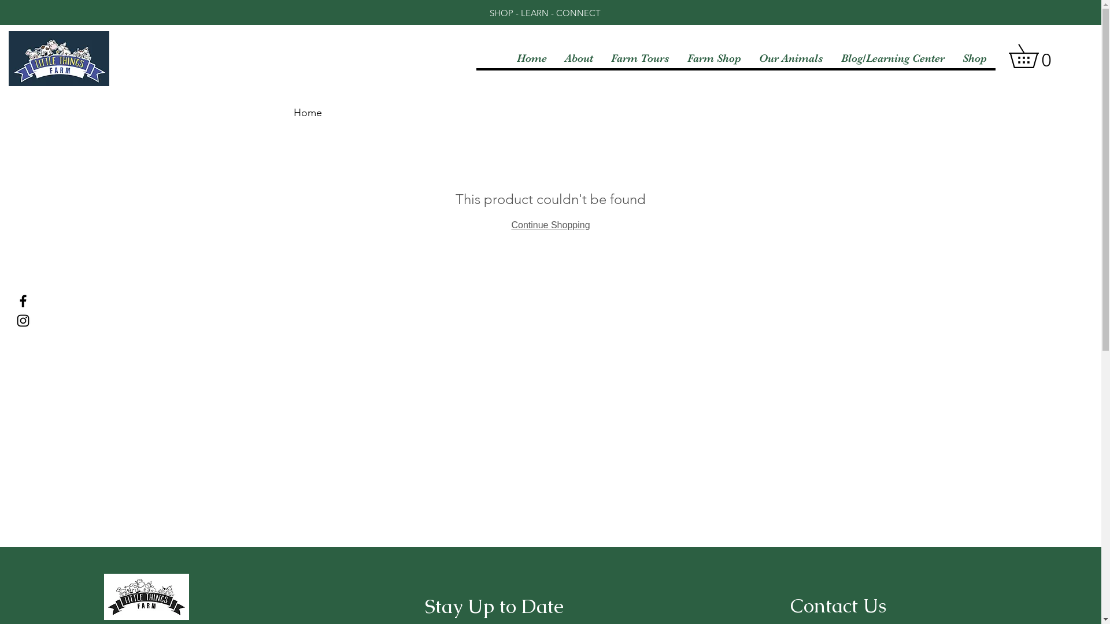 Image resolution: width=1110 pixels, height=624 pixels. What do you see at coordinates (601, 58) in the screenshot?
I see `'Farm Tours'` at bounding box center [601, 58].